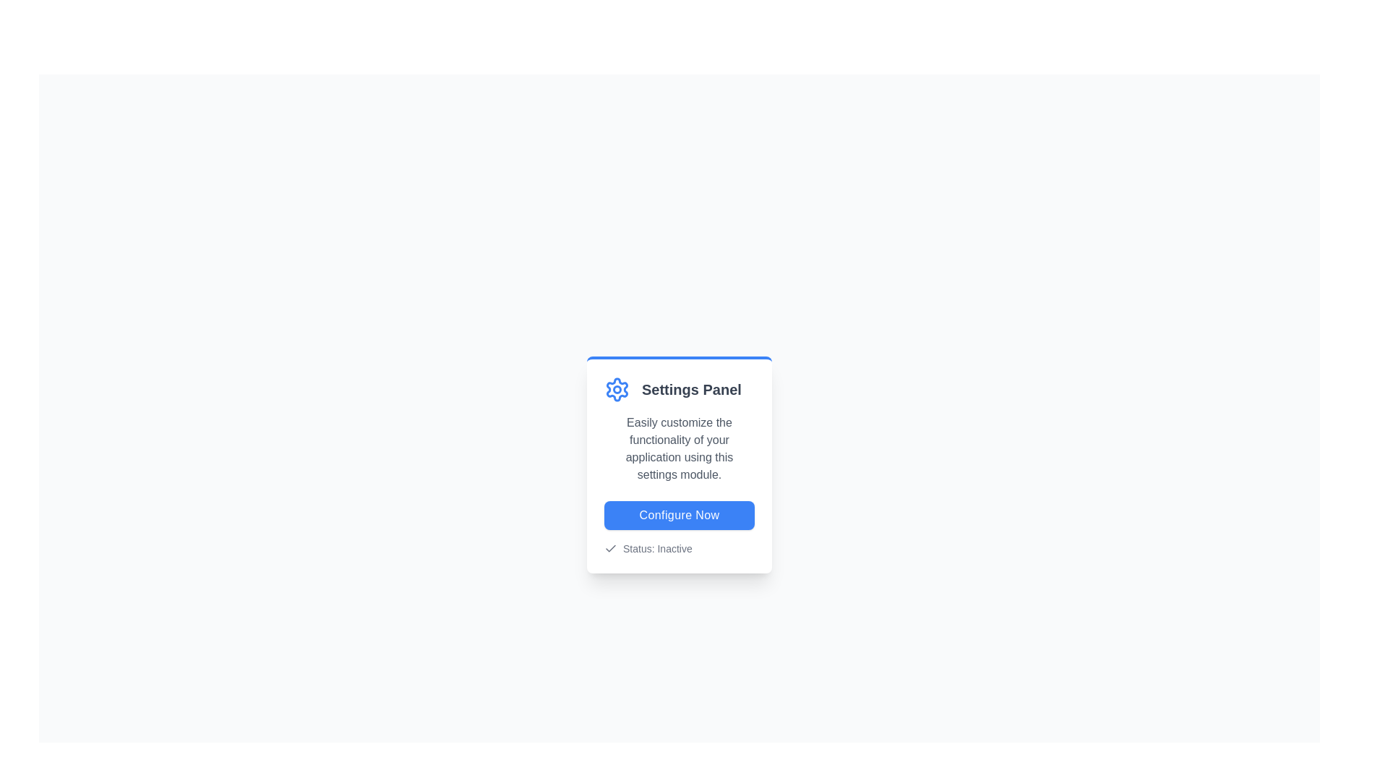  I want to click on the configuration button located in the center of the 'Settings Panel' card, positioned above the status text, so click(679, 515).